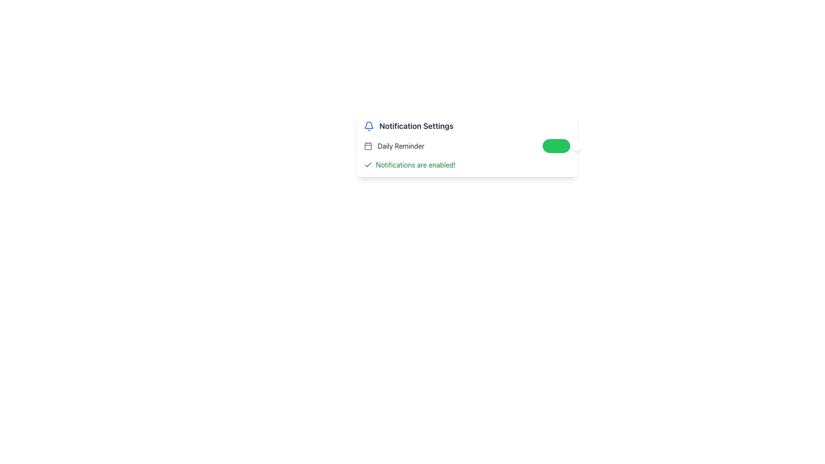 This screenshot has width=825, height=464. What do you see at coordinates (400, 145) in the screenshot?
I see `the 'Daily Reminder' text label, which is displayed in black sans-serif font and is located to the right of a calendar icon within the Notification Settings section` at bounding box center [400, 145].